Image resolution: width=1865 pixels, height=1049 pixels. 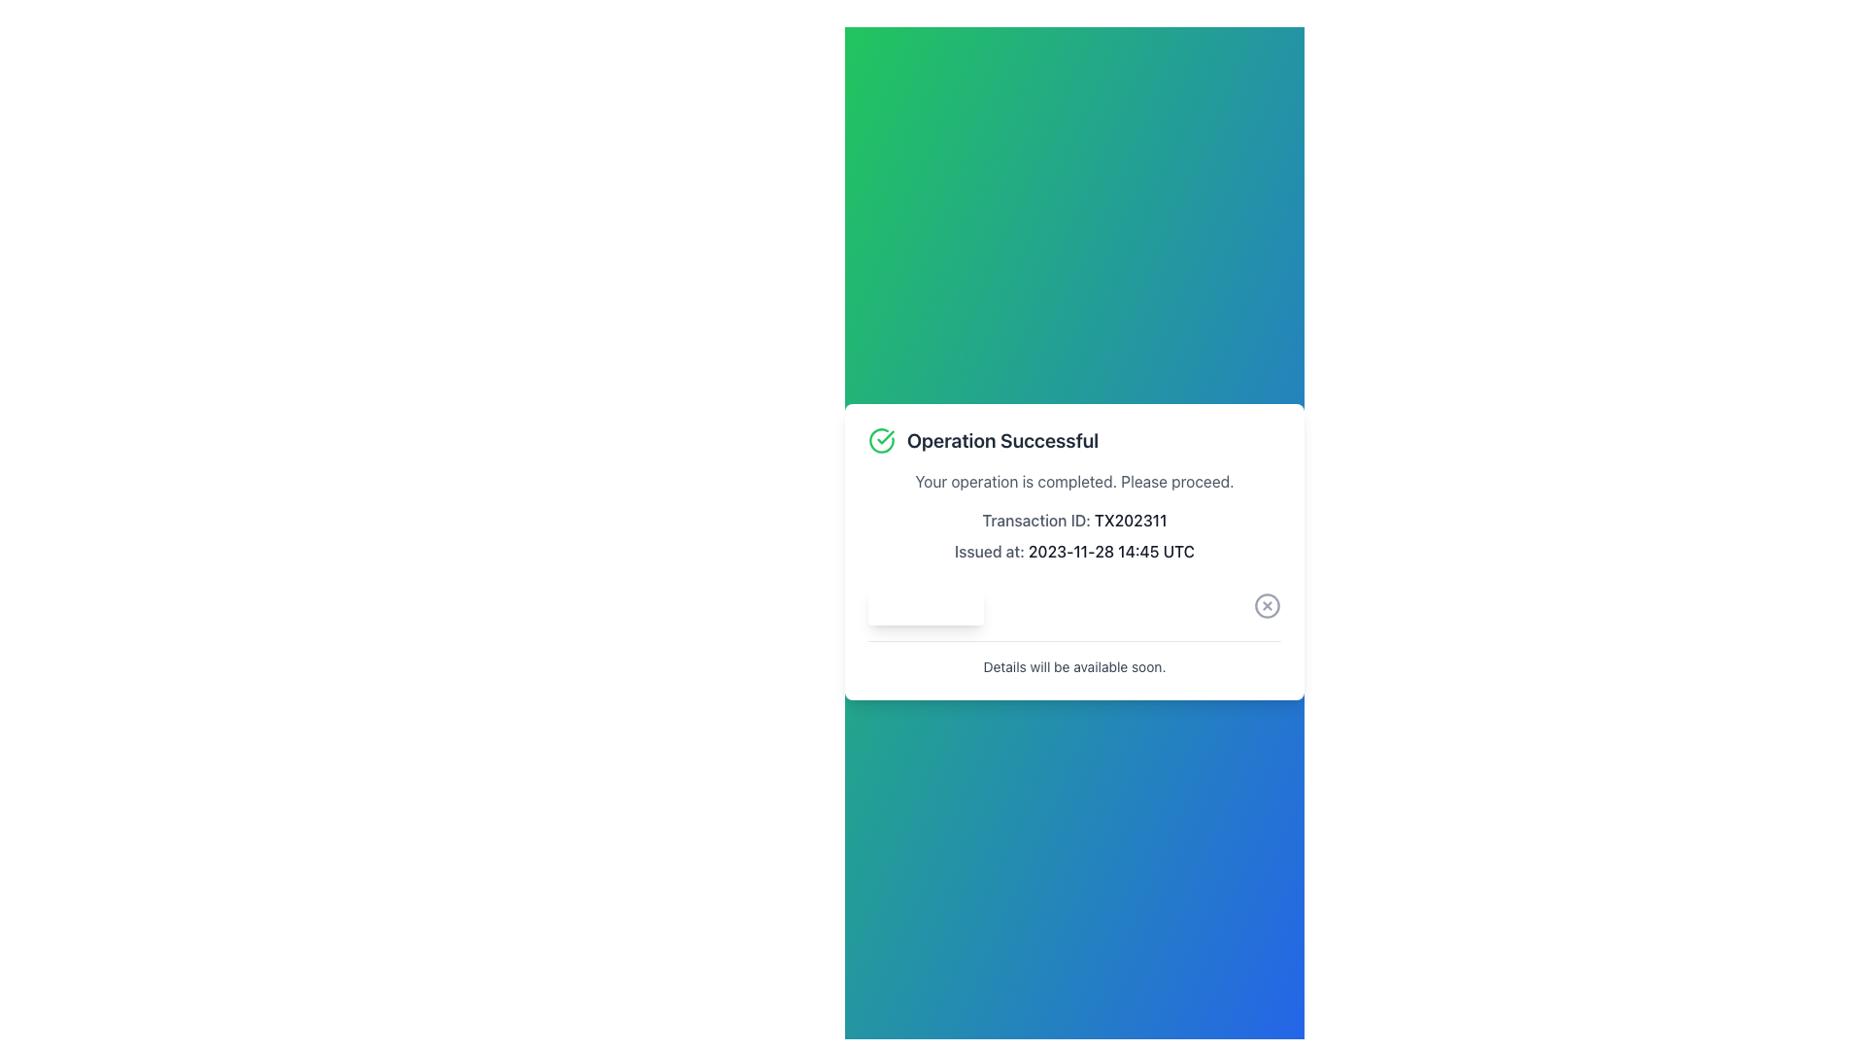 What do you see at coordinates (1268, 604) in the screenshot?
I see `the dismiss button located on the right side of the horizontal row at the bottom of the information card` at bounding box center [1268, 604].